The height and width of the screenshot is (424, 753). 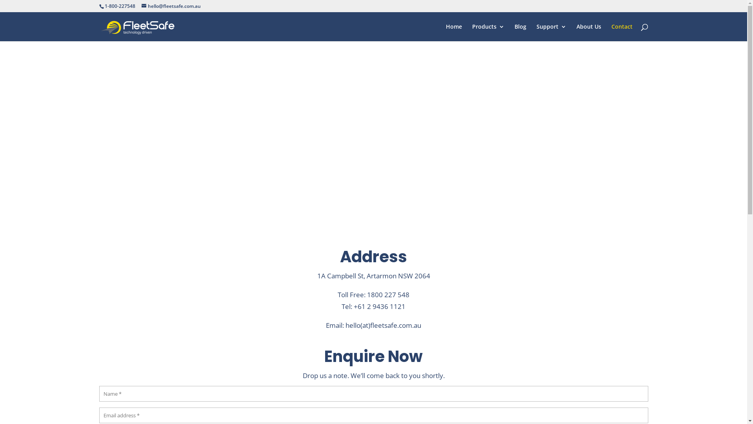 What do you see at coordinates (170, 6) in the screenshot?
I see `'hello@fleetsafe.com.au'` at bounding box center [170, 6].